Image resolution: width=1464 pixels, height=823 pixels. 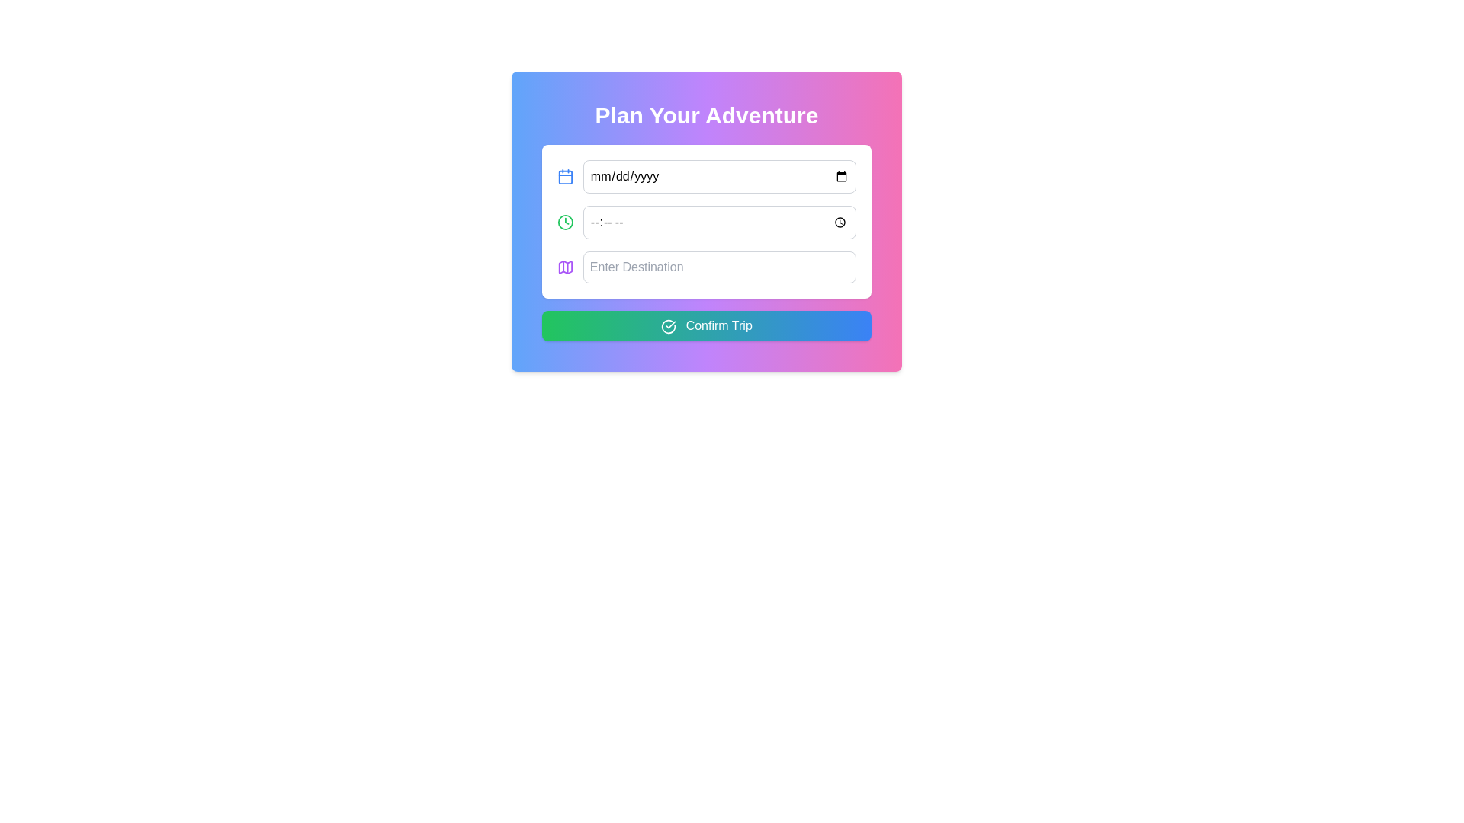 What do you see at coordinates (705, 325) in the screenshot?
I see `the 'Confirm Trip' button, which has a green-to-blue gradient background and white text, to observe the hover effects` at bounding box center [705, 325].